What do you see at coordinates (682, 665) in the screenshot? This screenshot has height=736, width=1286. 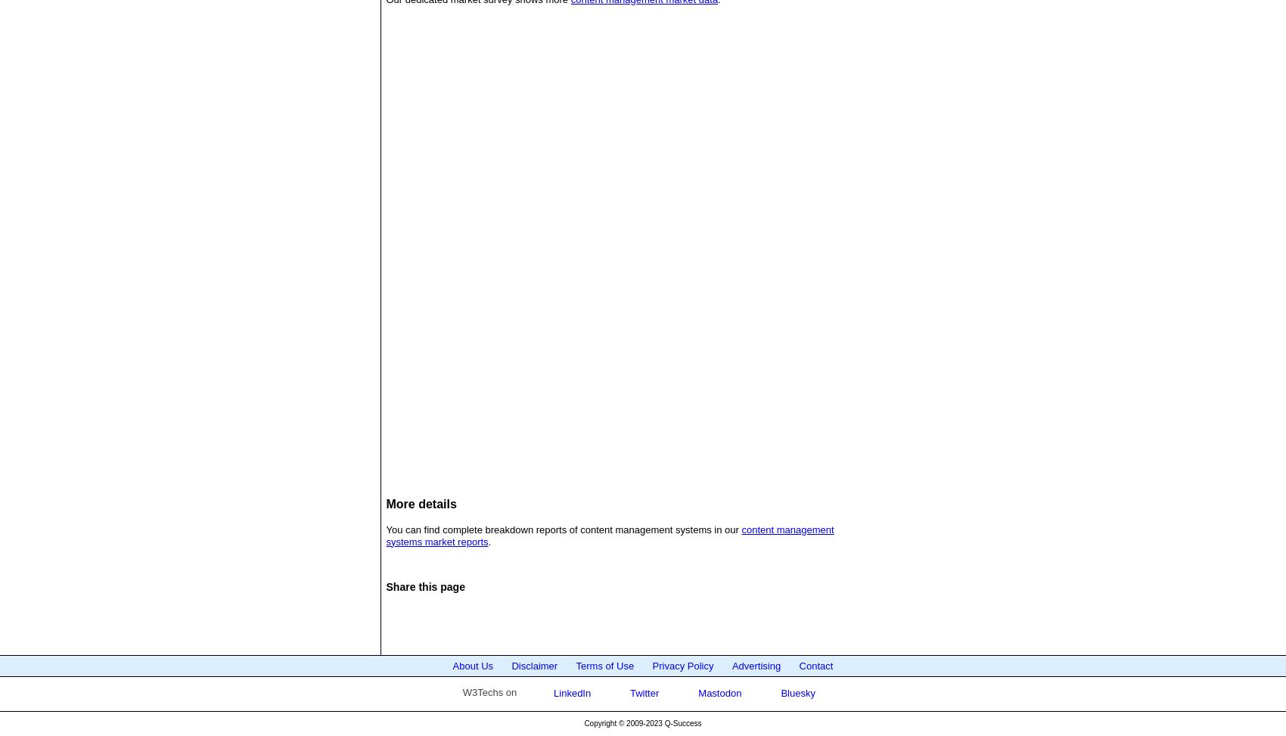 I see `'Privacy Policy'` at bounding box center [682, 665].